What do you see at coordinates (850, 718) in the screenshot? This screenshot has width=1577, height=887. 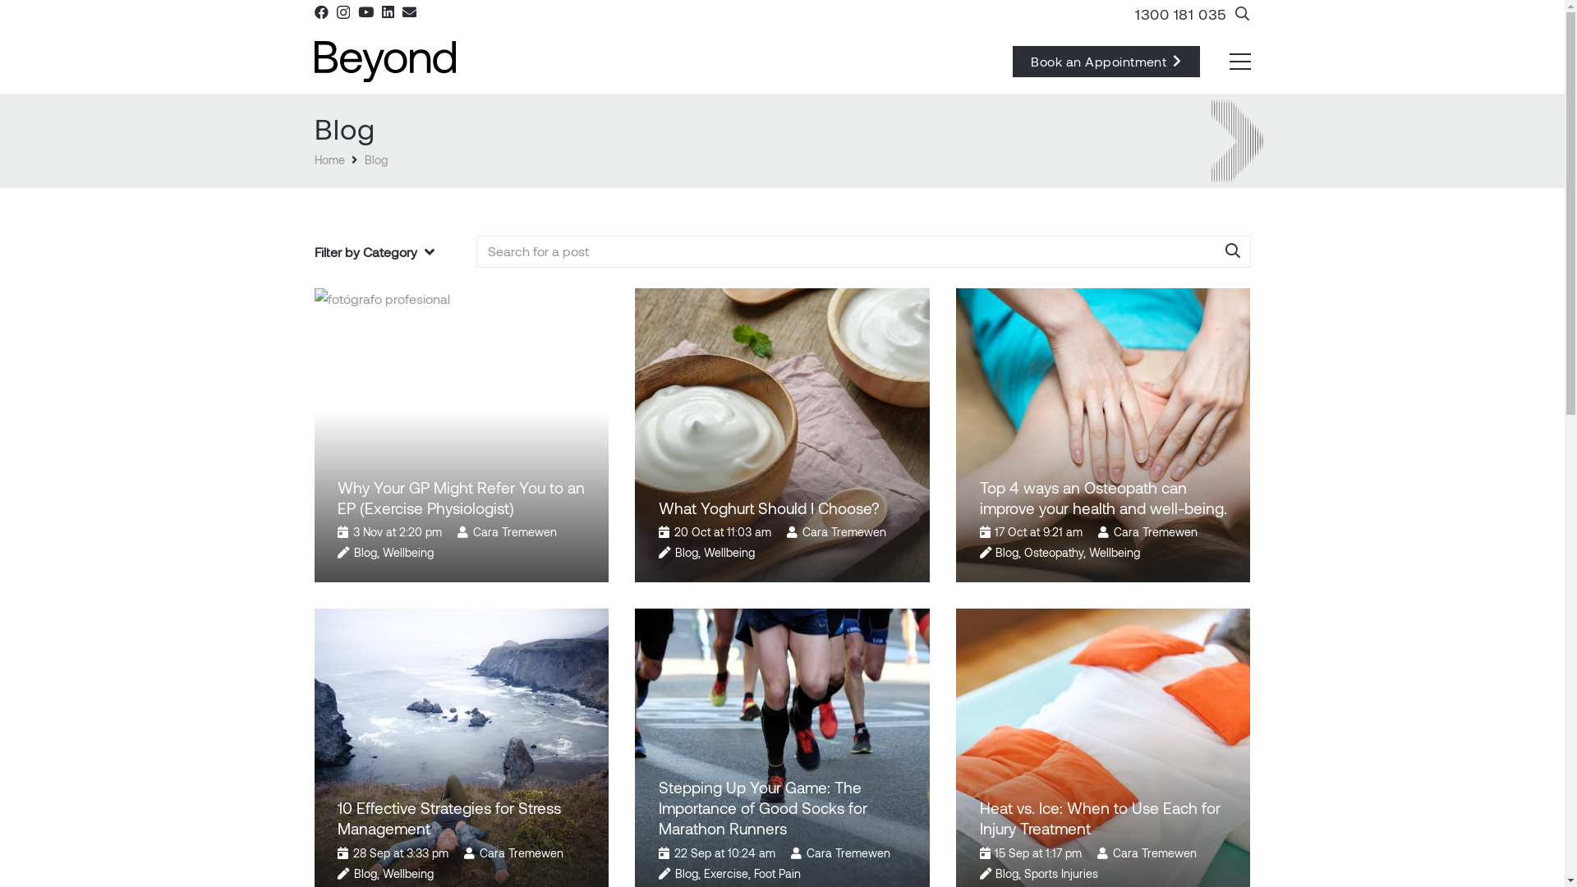 I see `'Instagram'` at bounding box center [850, 718].